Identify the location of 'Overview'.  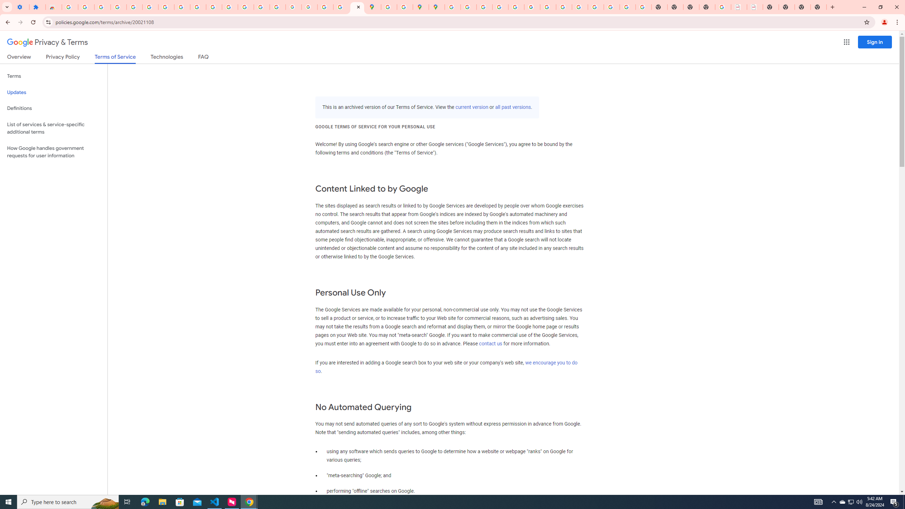
(18, 58).